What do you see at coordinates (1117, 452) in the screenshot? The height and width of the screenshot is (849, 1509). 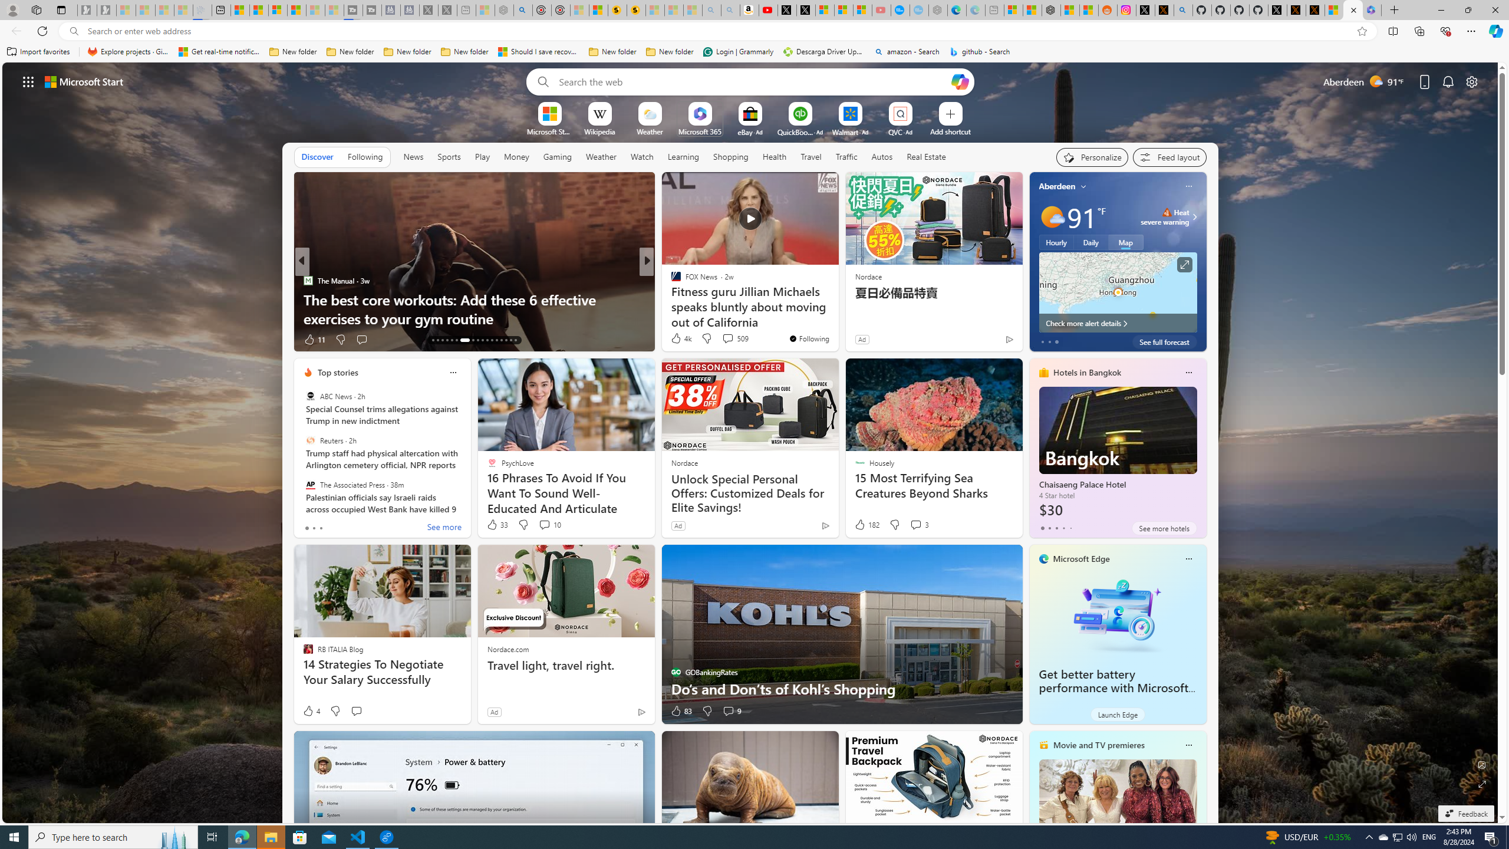 I see `'Chaisaeng Palace Hotel'` at bounding box center [1117, 452].